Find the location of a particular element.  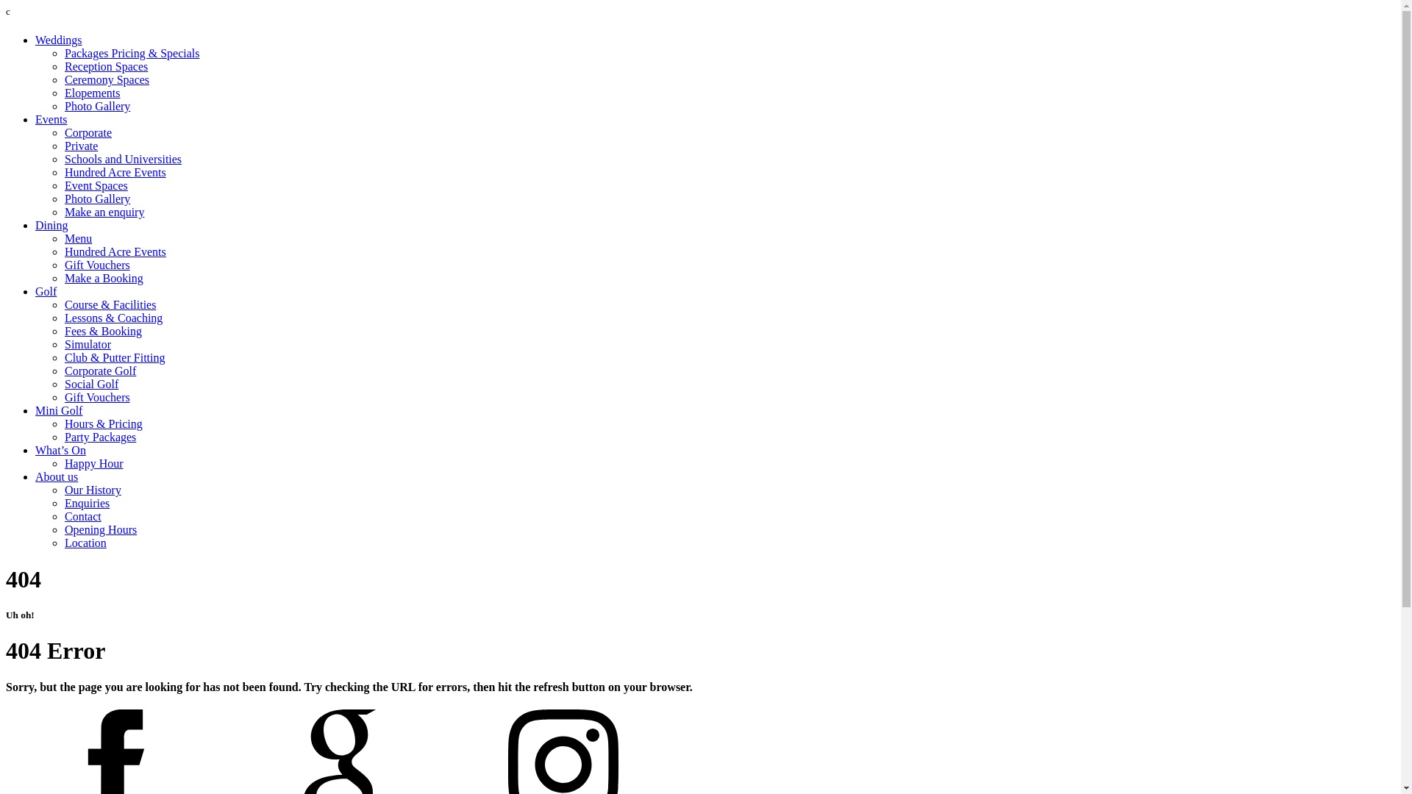

'Event Spaces' is located at coordinates (95, 185).